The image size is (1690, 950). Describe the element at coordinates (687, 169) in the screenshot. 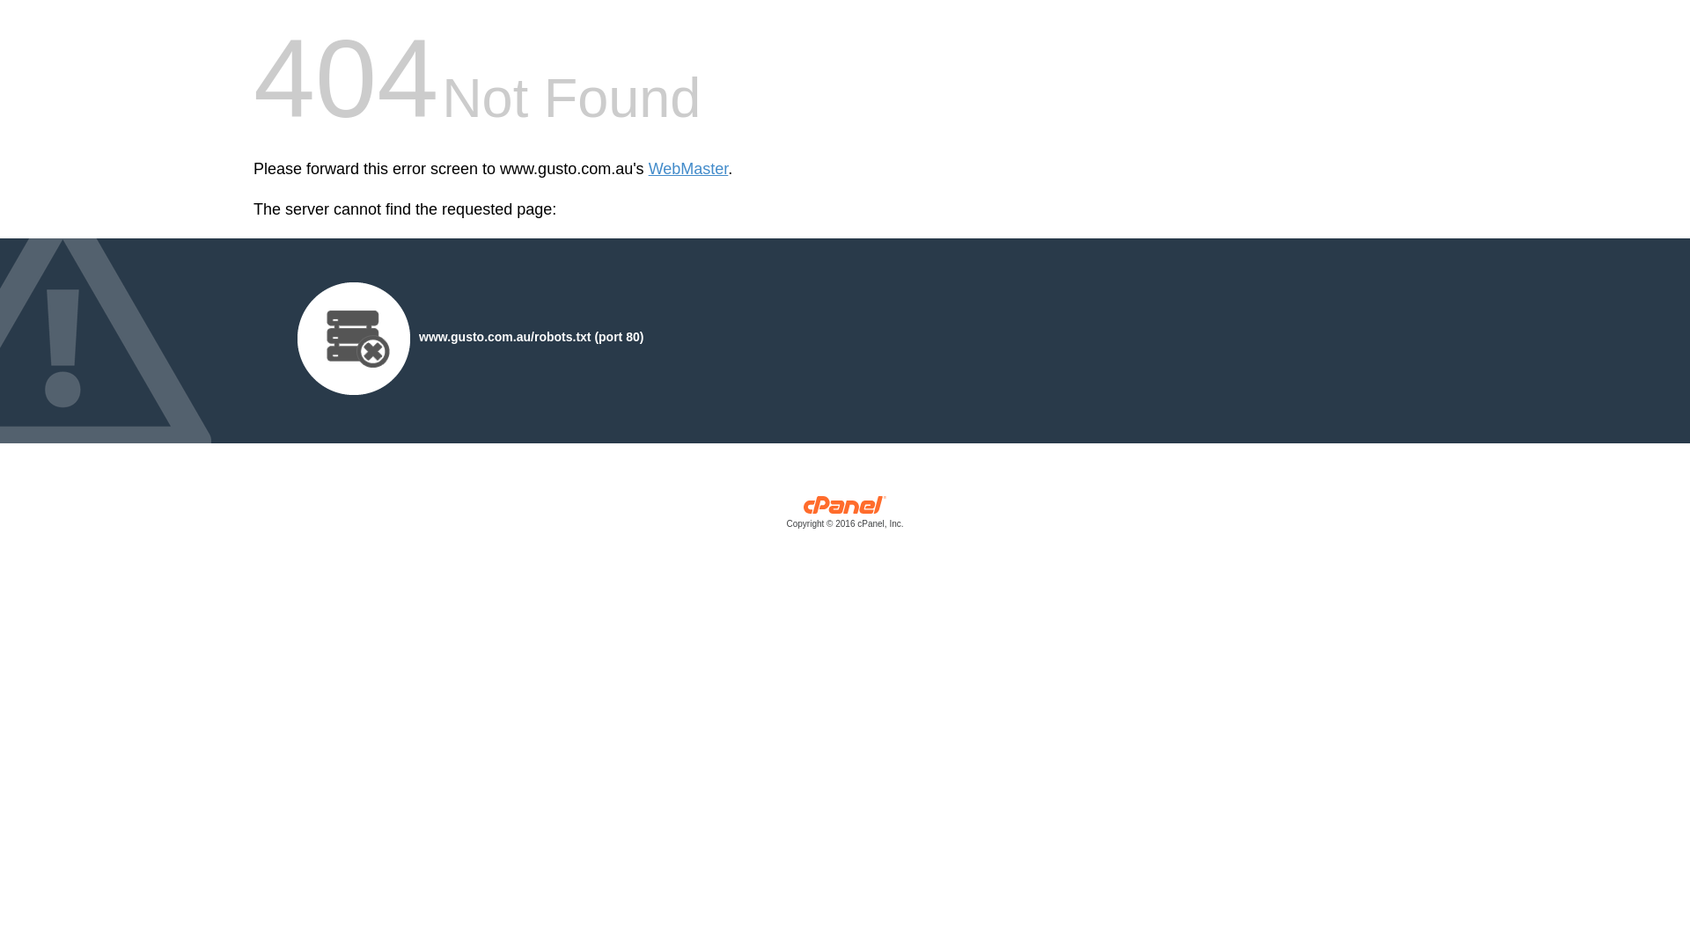

I see `'WebMaster'` at that location.